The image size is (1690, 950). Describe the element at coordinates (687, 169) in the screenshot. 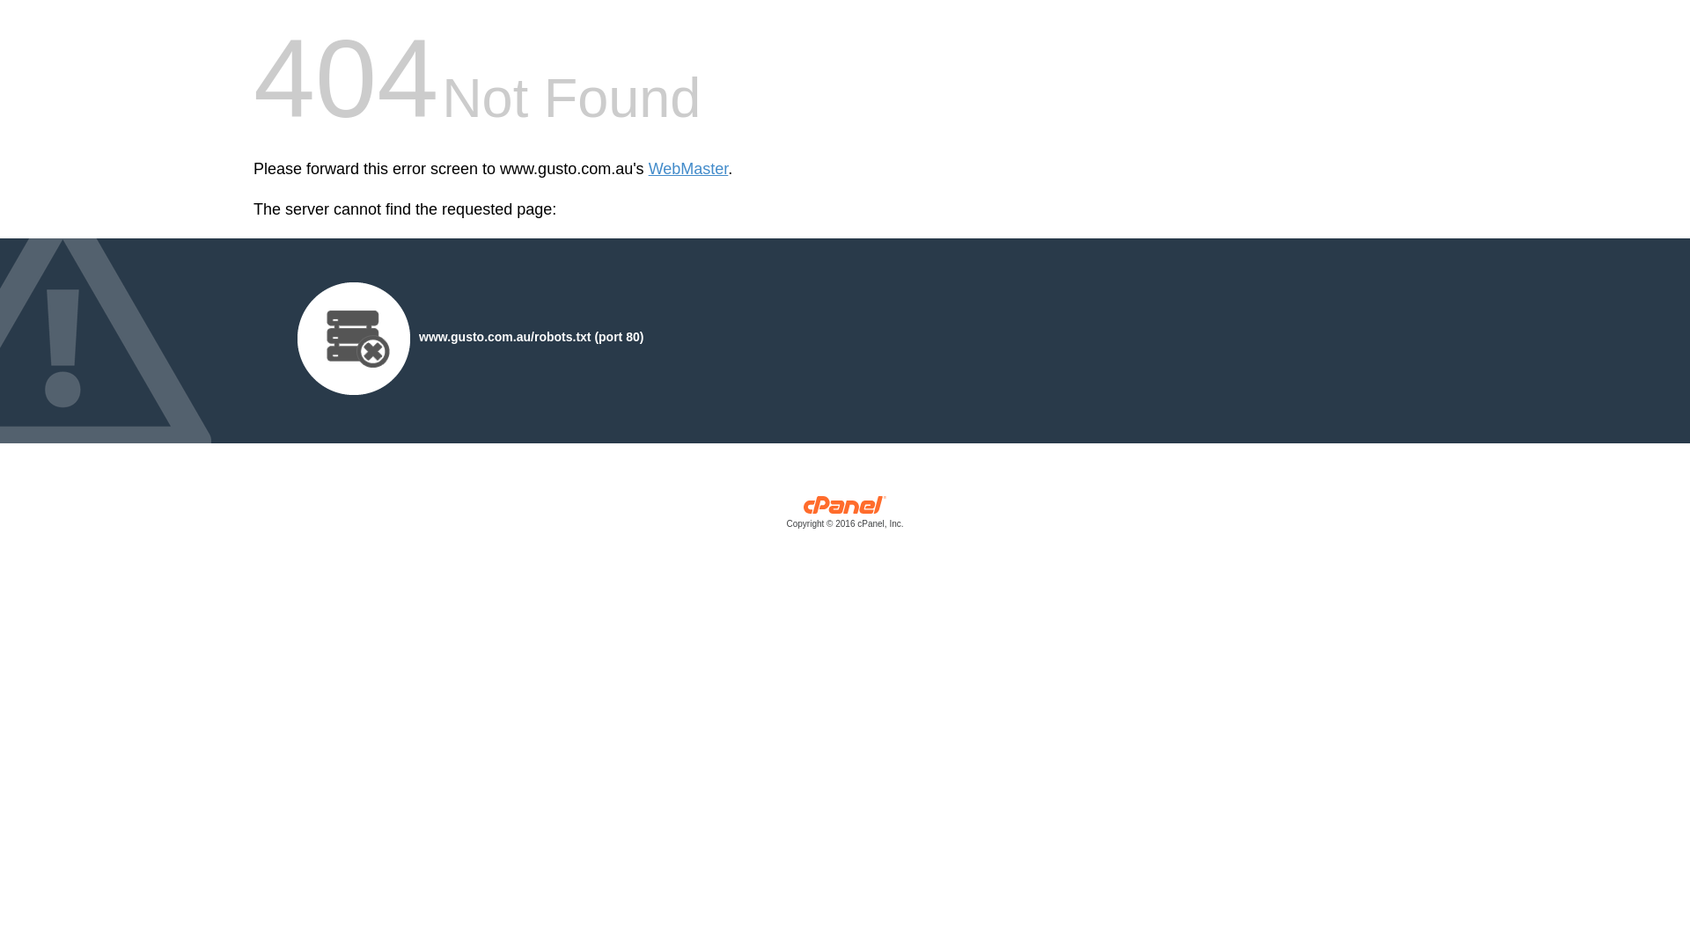

I see `'WebMaster'` at that location.